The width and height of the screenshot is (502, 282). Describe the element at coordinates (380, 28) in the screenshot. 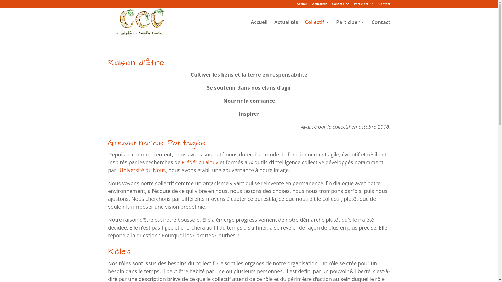

I see `'Contact'` at that location.